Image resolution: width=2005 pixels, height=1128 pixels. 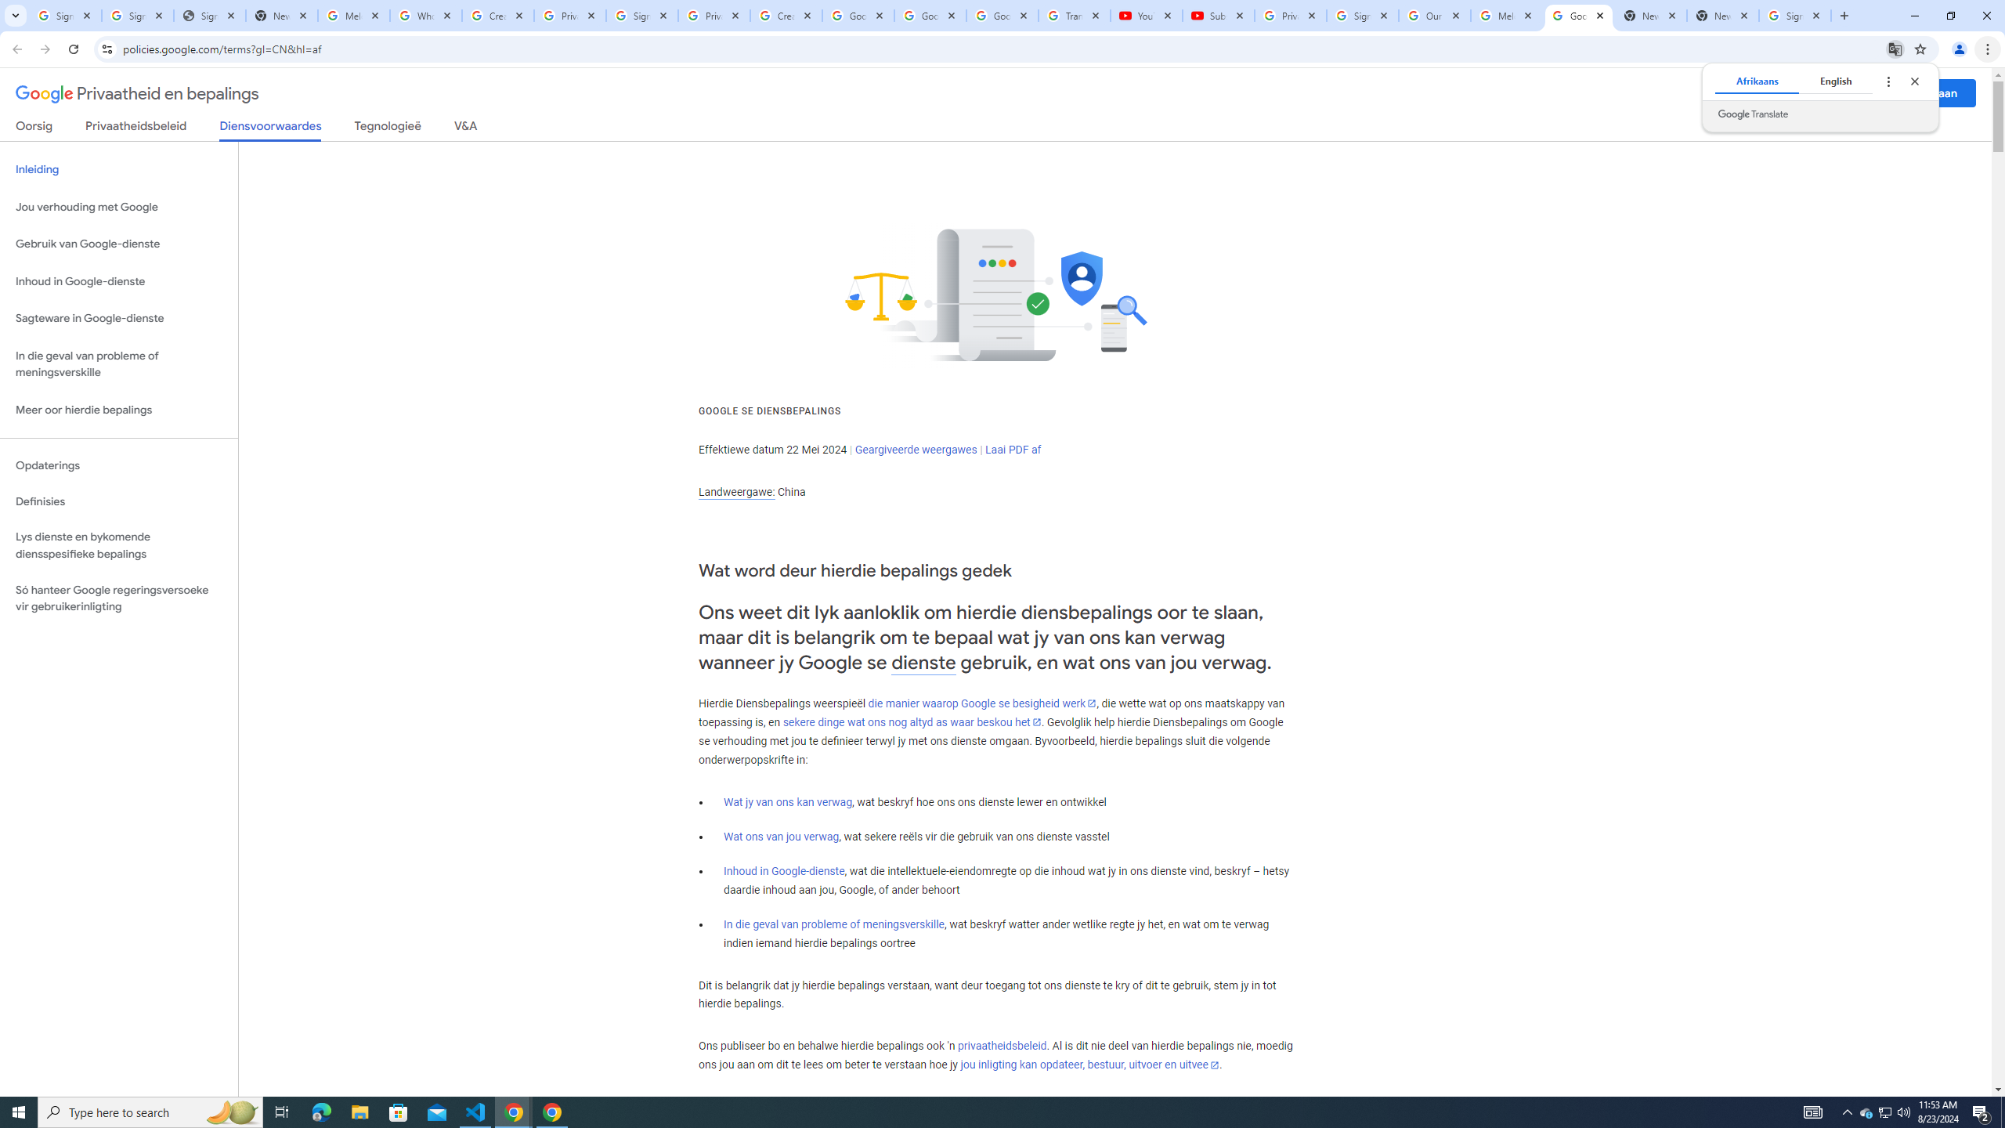 What do you see at coordinates (1887, 81) in the screenshot?
I see `'Translate options'` at bounding box center [1887, 81].